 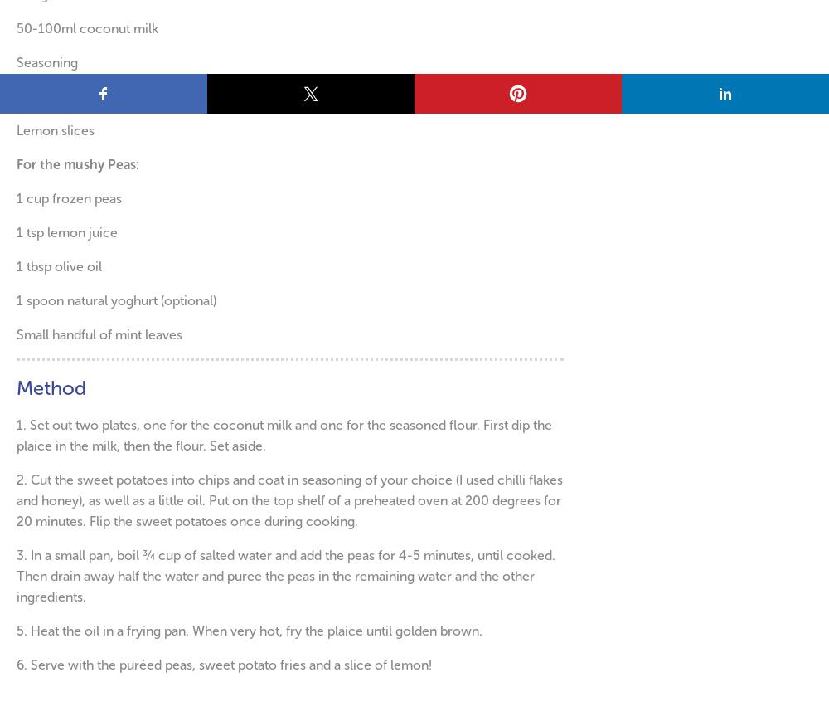 What do you see at coordinates (256, 630) in the screenshot?
I see `'Heat the oil in a frying pan. When very hot, fry the plaice until golden brown.'` at bounding box center [256, 630].